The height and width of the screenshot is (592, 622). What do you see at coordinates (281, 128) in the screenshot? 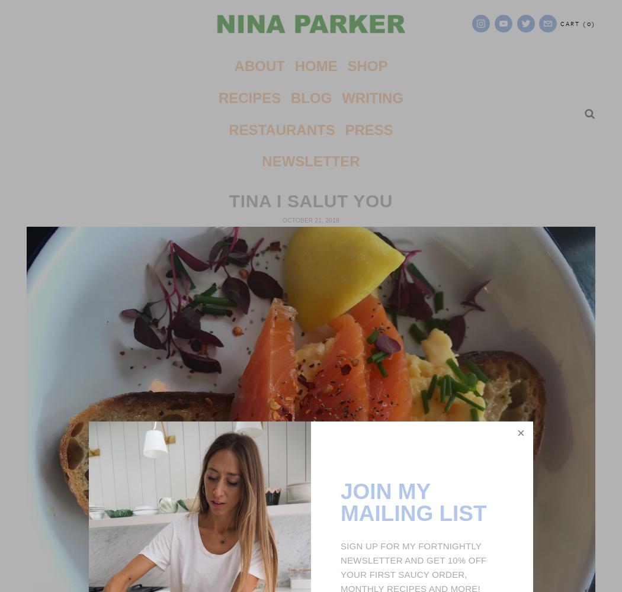
I see `'RESTAURANTS'` at bounding box center [281, 128].